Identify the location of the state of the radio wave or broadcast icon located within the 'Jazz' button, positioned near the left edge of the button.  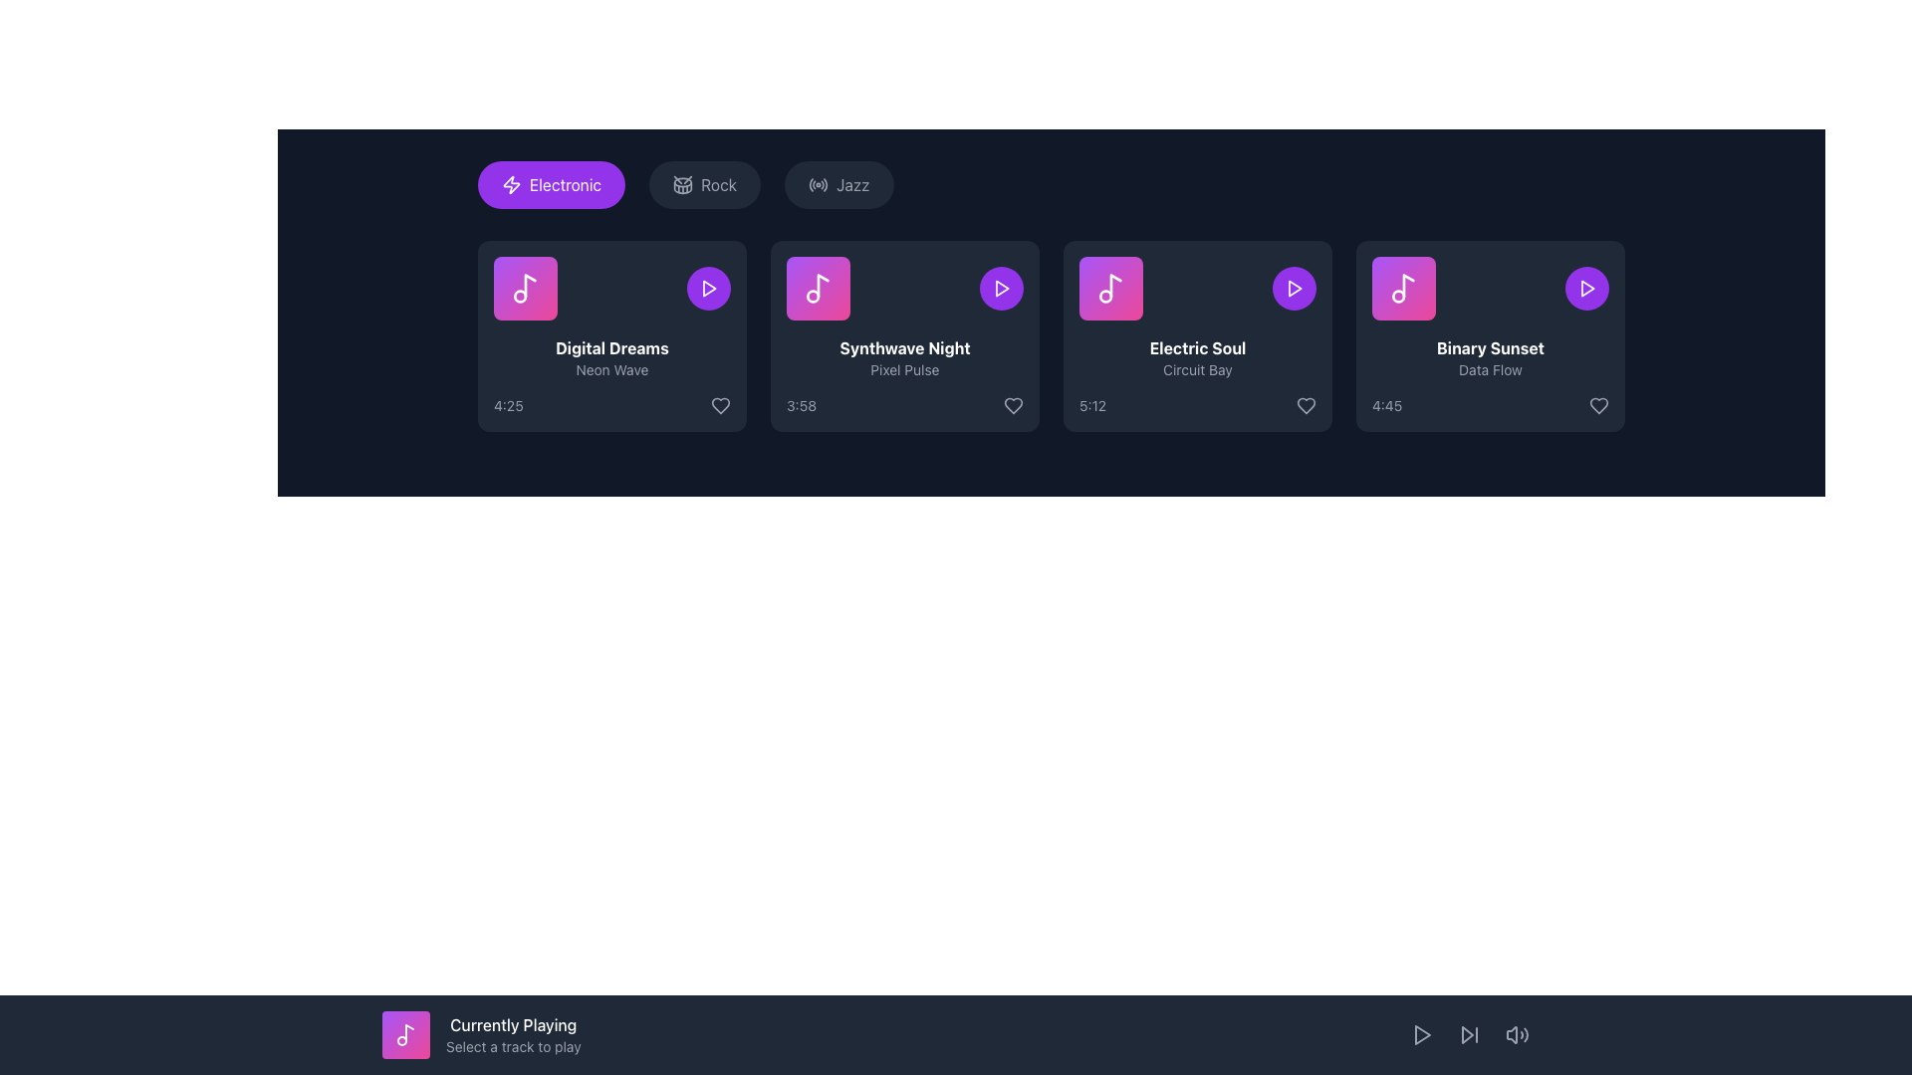
(819, 184).